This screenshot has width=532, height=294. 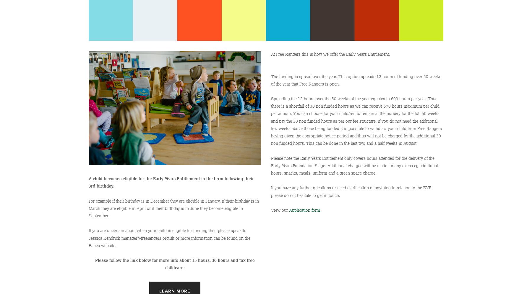 What do you see at coordinates (270, 80) in the screenshot?
I see `'The funding is spread over the year. This option spreads 12 hours of funding over 50 weeks of the year that Free Rangers is open.'` at bounding box center [270, 80].